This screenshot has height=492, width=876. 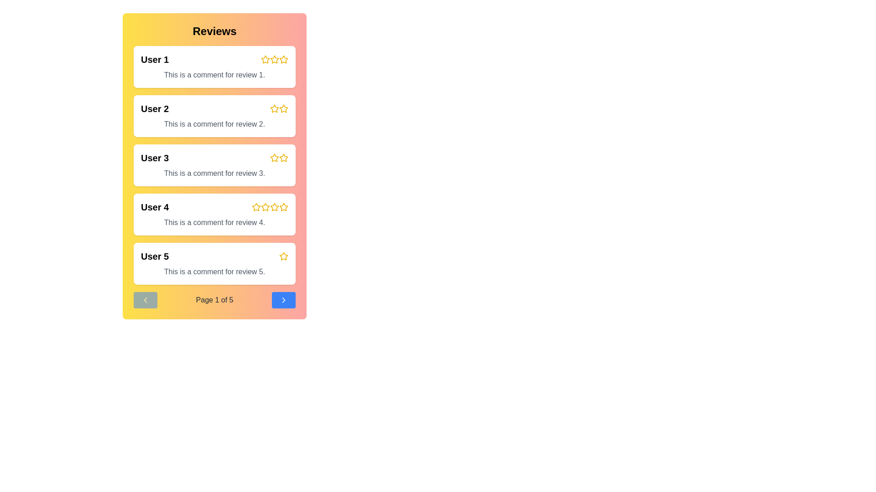 What do you see at coordinates (214, 75) in the screenshot?
I see `text of the label that says 'This is a comment for review 1.', which is styled in a smaller gray font and located below the title 'User 1' within the first review item in the 'Reviews' section` at bounding box center [214, 75].